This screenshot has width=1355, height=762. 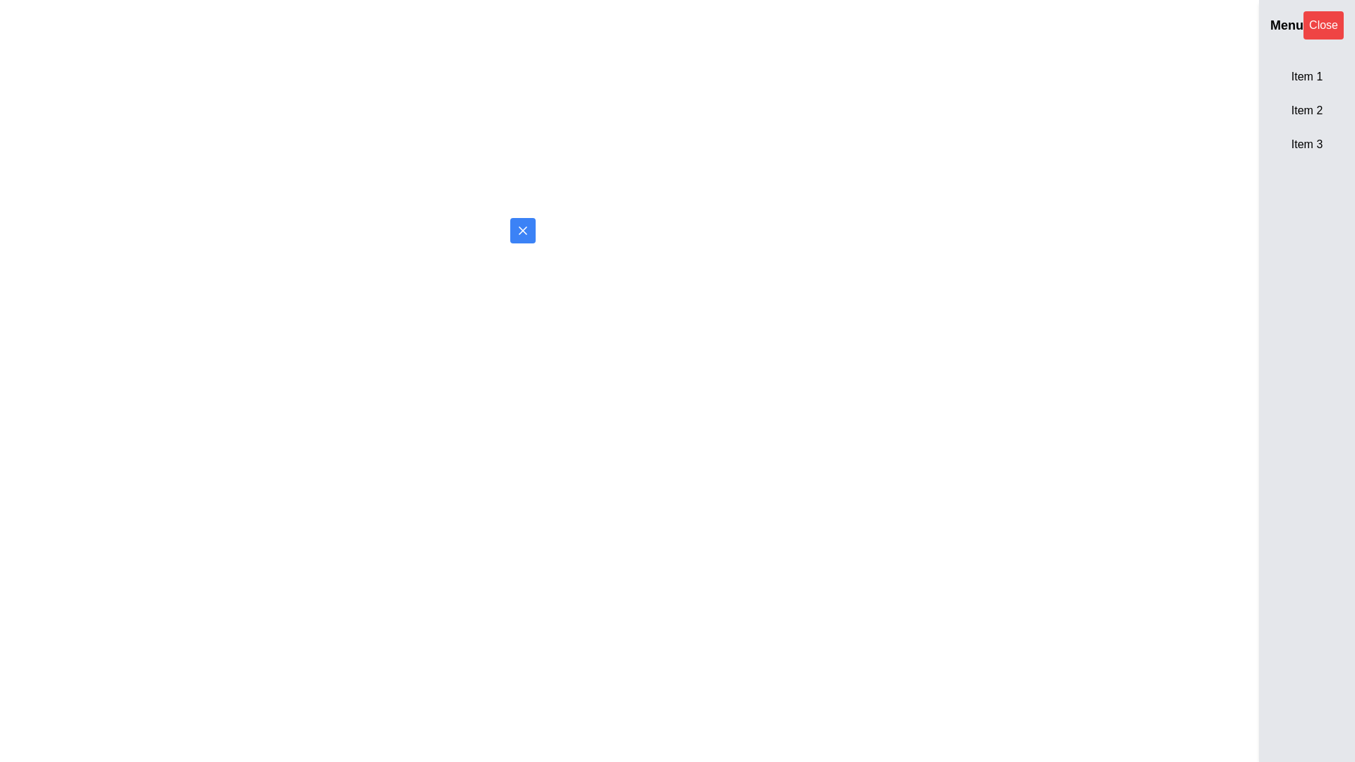 What do you see at coordinates (1306, 110) in the screenshot?
I see `the second item in the vertical list component labeled 'Item 2', which is positioned between 'Item 1' and 'Item 3'` at bounding box center [1306, 110].